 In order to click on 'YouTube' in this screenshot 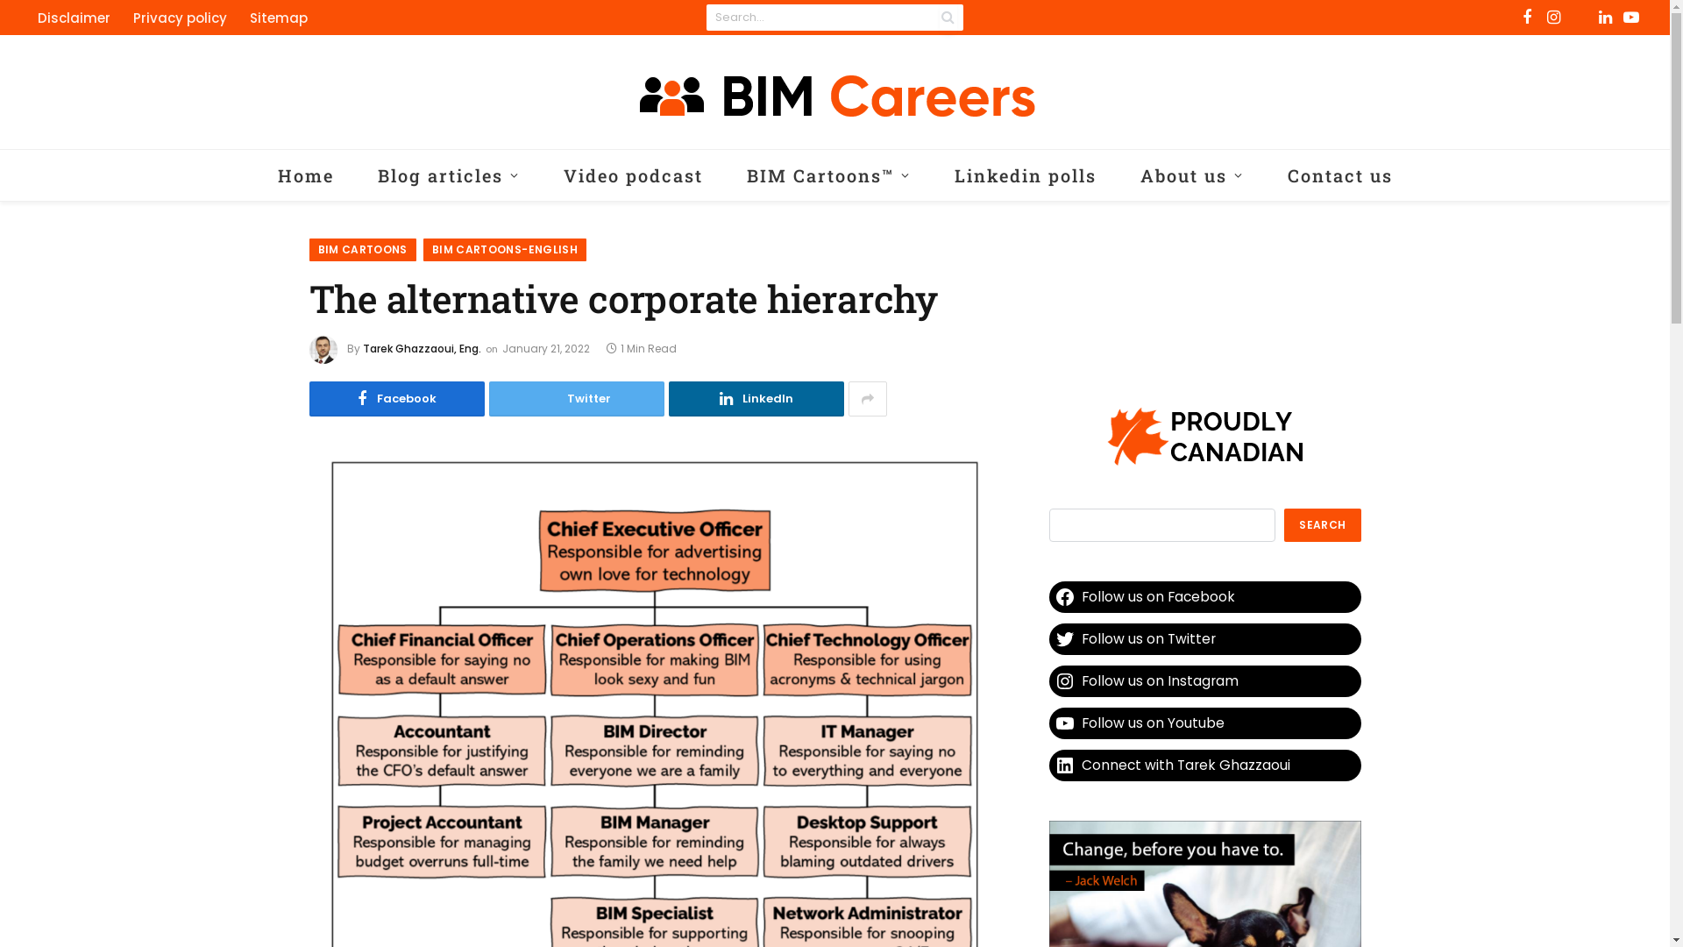, I will do `click(1630, 17)`.